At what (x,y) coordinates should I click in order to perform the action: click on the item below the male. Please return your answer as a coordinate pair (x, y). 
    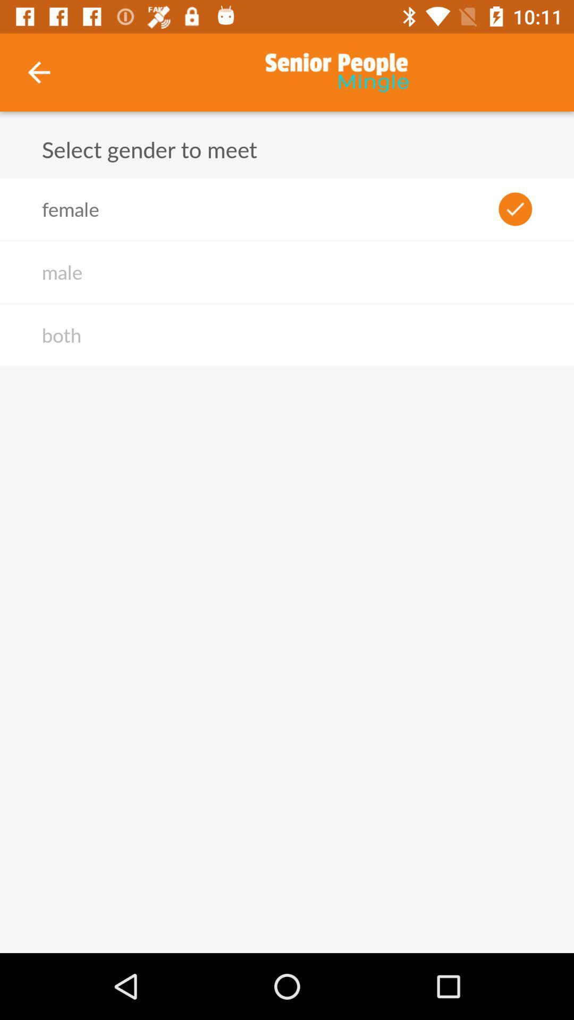
    Looking at the image, I should click on (61, 334).